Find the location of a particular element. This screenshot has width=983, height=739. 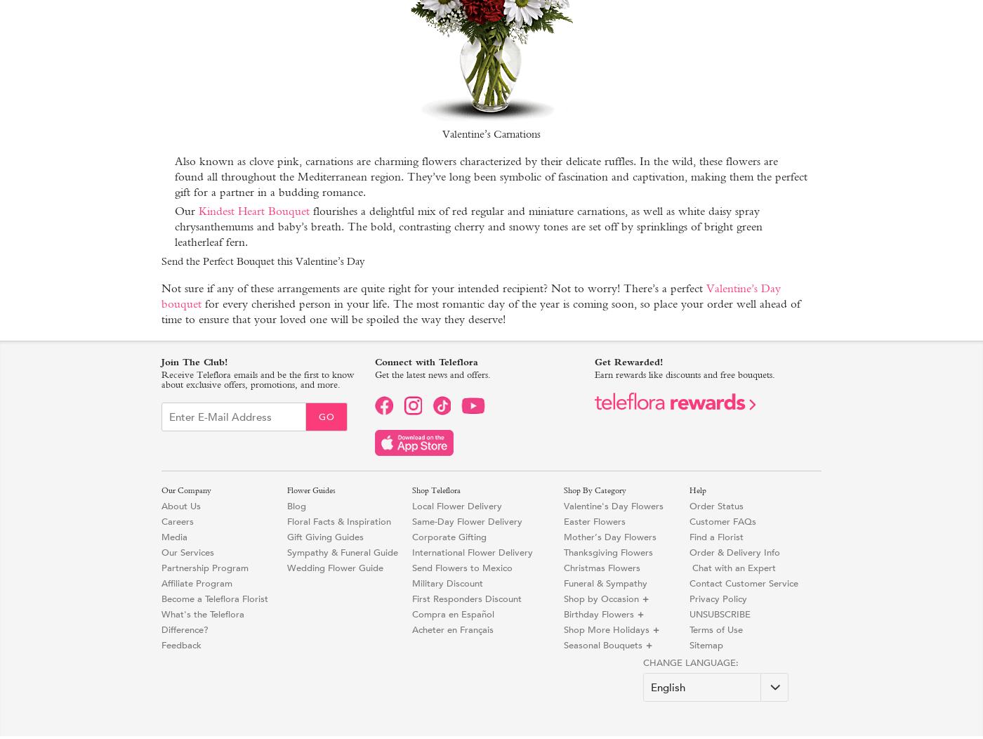

'Go' is located at coordinates (325, 416).